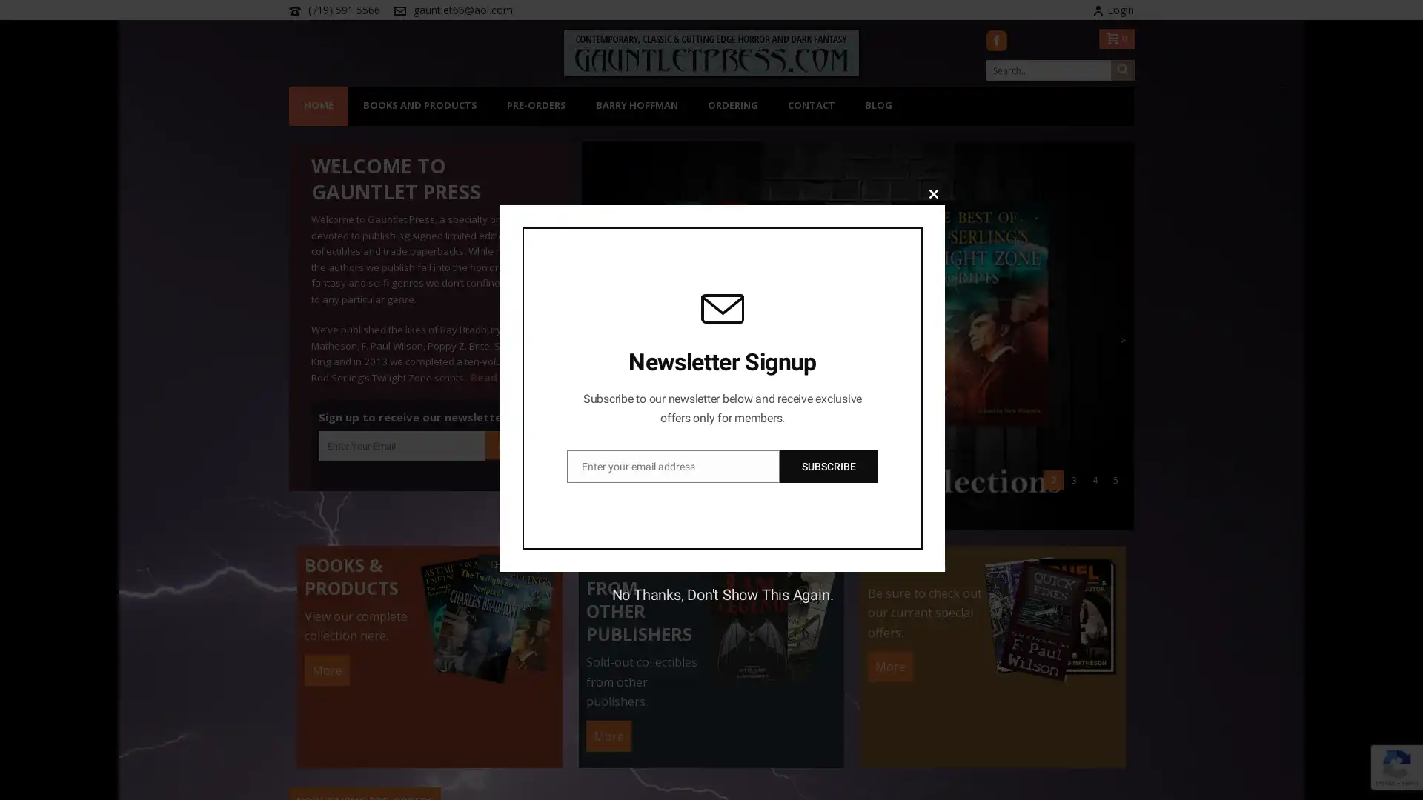  What do you see at coordinates (513, 444) in the screenshot?
I see `Sign Up` at bounding box center [513, 444].